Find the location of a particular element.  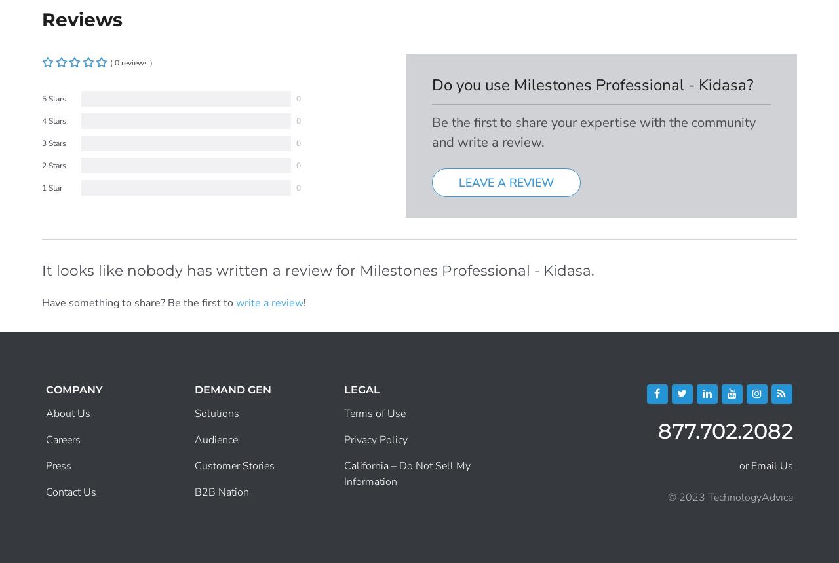

'Audience' is located at coordinates (216, 440).